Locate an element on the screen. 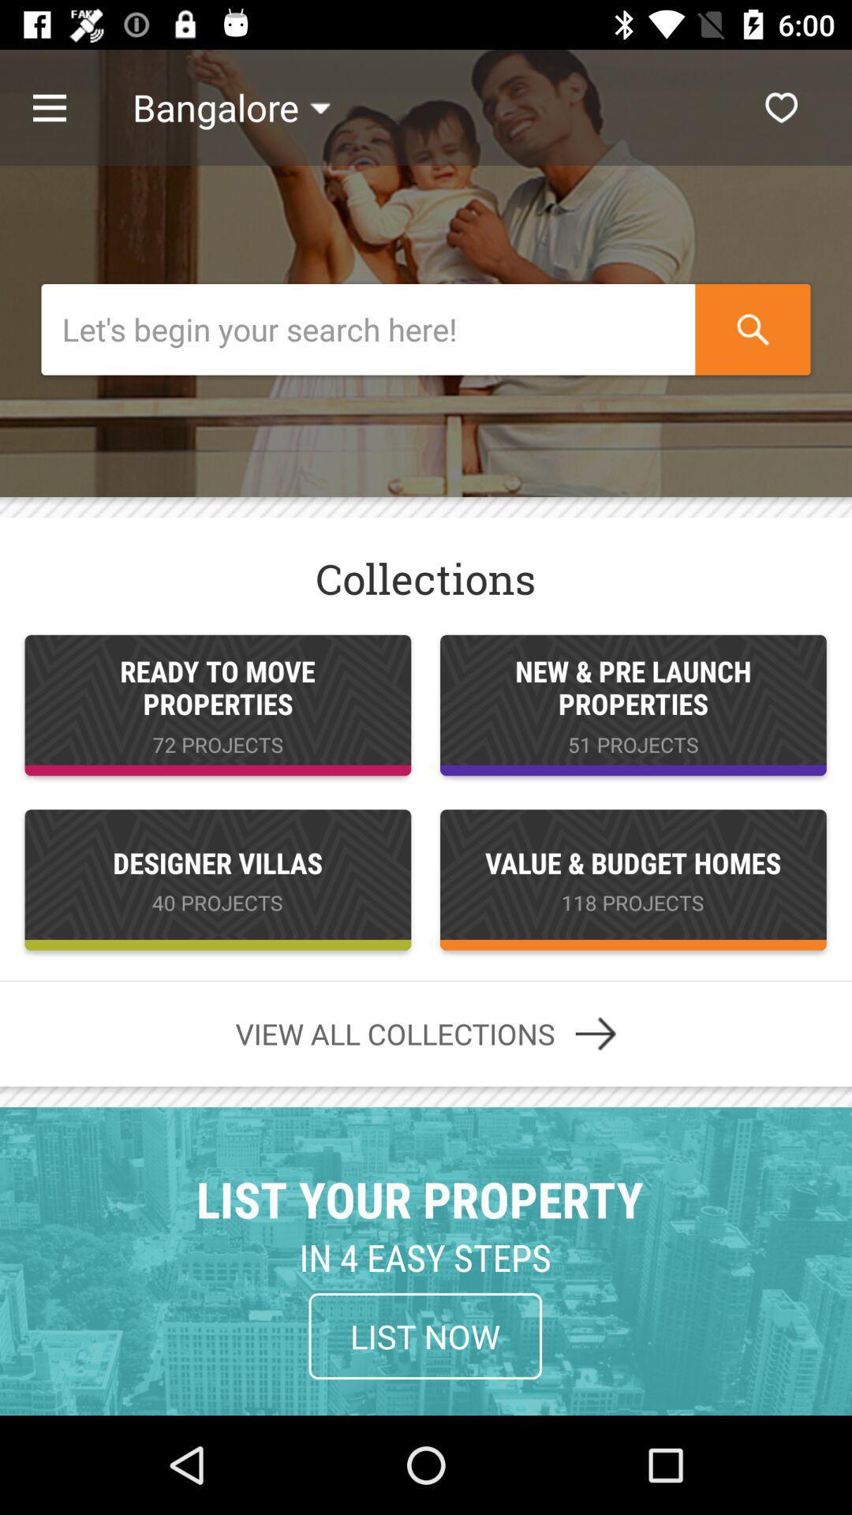  the item below in 4 easy icon is located at coordinates (424, 1335).